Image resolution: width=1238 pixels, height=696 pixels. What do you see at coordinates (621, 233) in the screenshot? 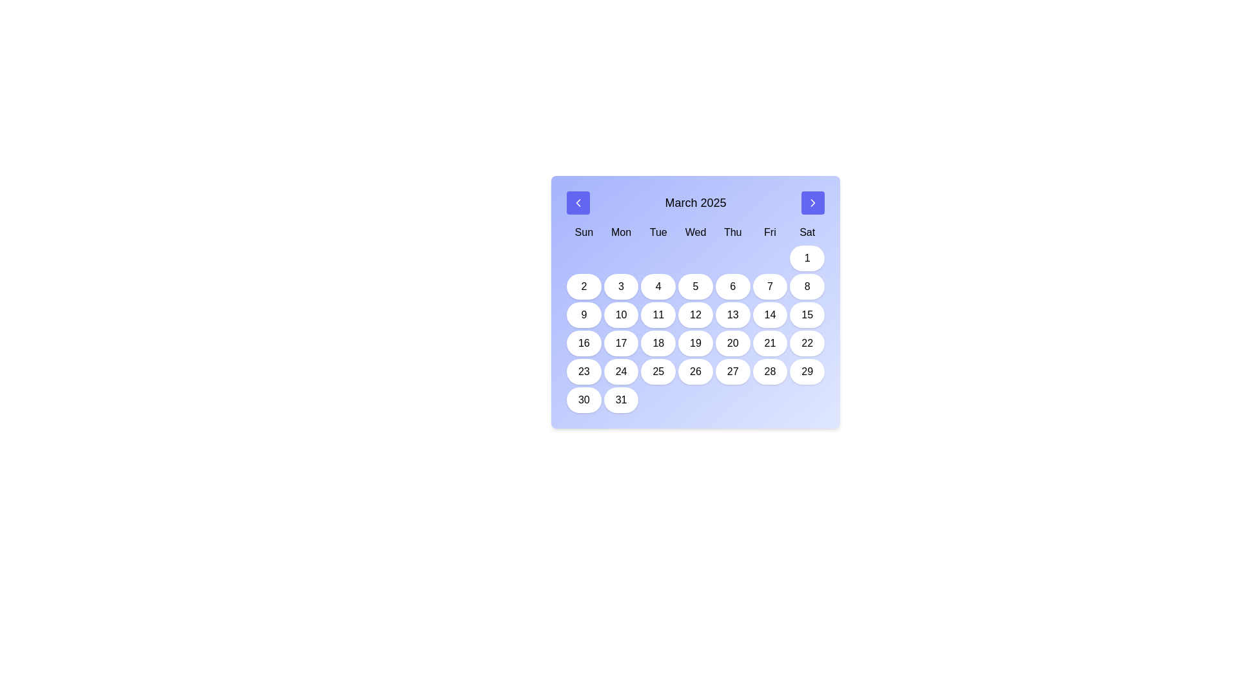
I see `the text label indicating 'Monday' in the calendar header, which is the second column in a seven-column layout for weekdays` at bounding box center [621, 233].